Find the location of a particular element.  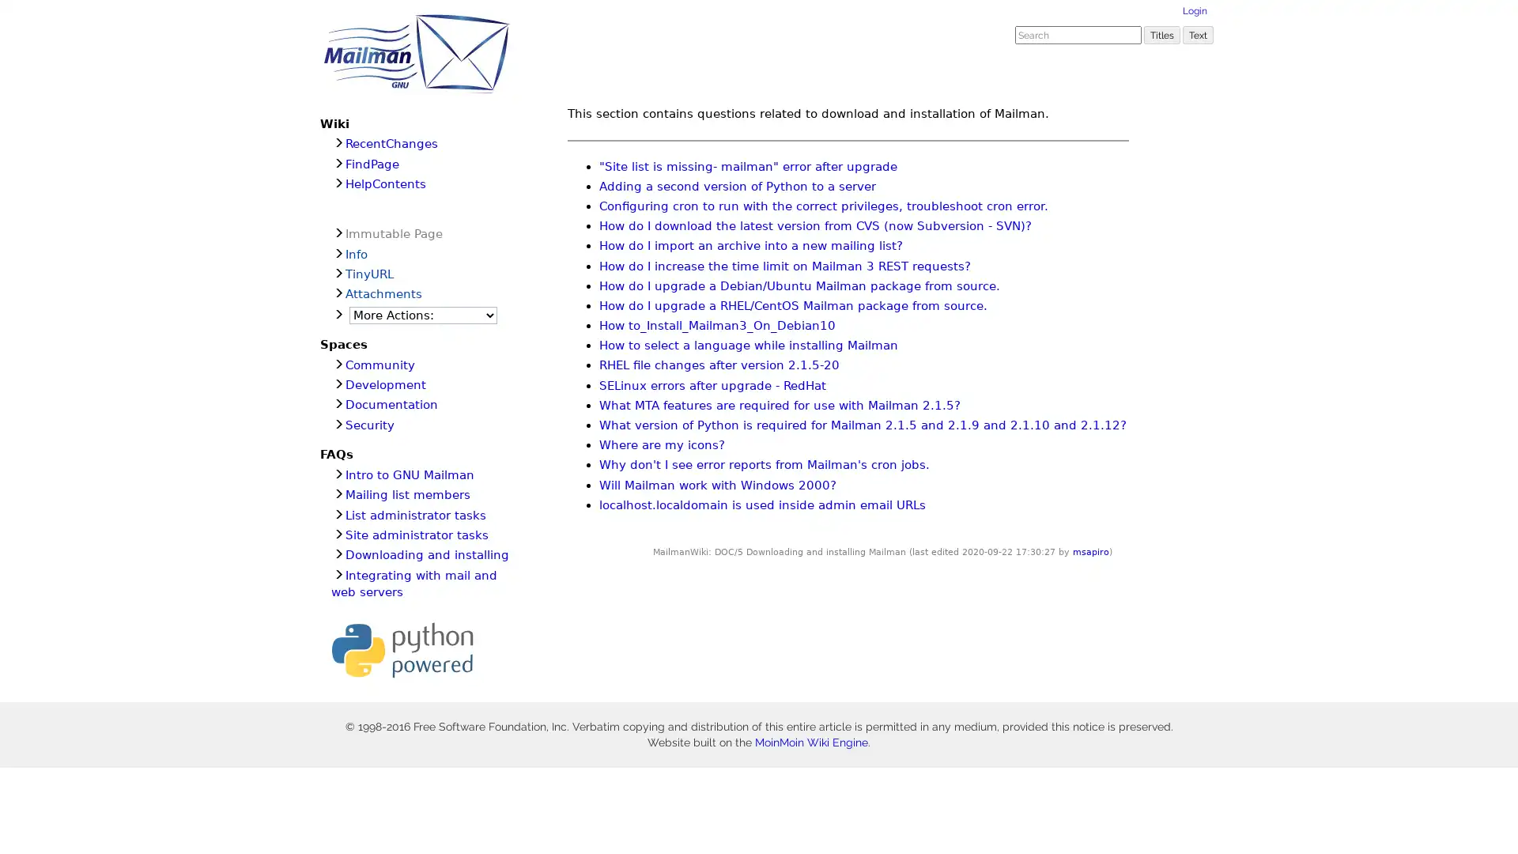

Text is located at coordinates (1198, 34).